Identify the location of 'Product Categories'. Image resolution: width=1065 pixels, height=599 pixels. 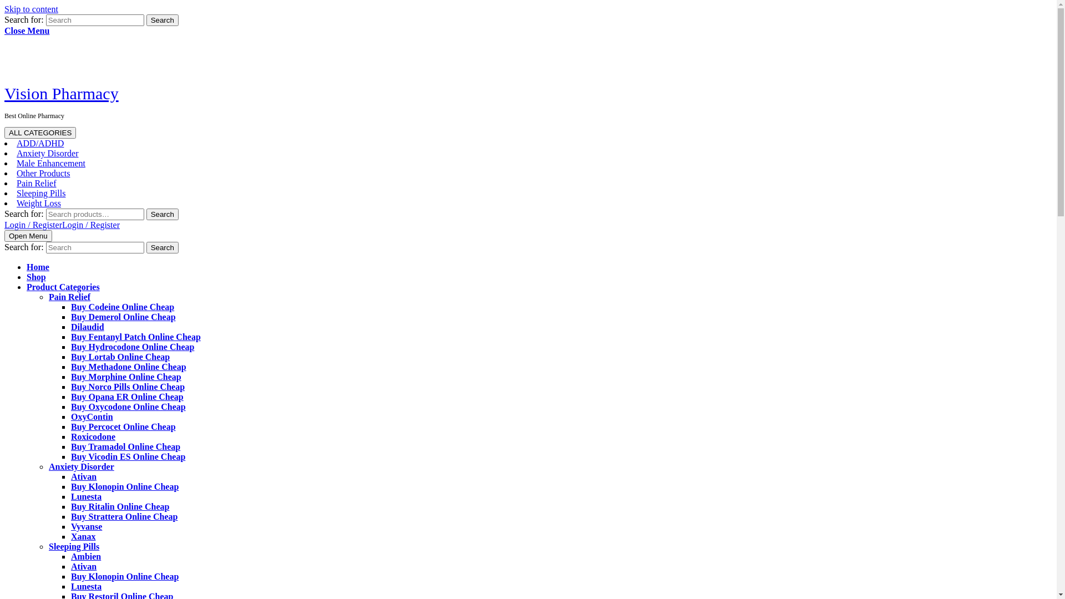
(63, 286).